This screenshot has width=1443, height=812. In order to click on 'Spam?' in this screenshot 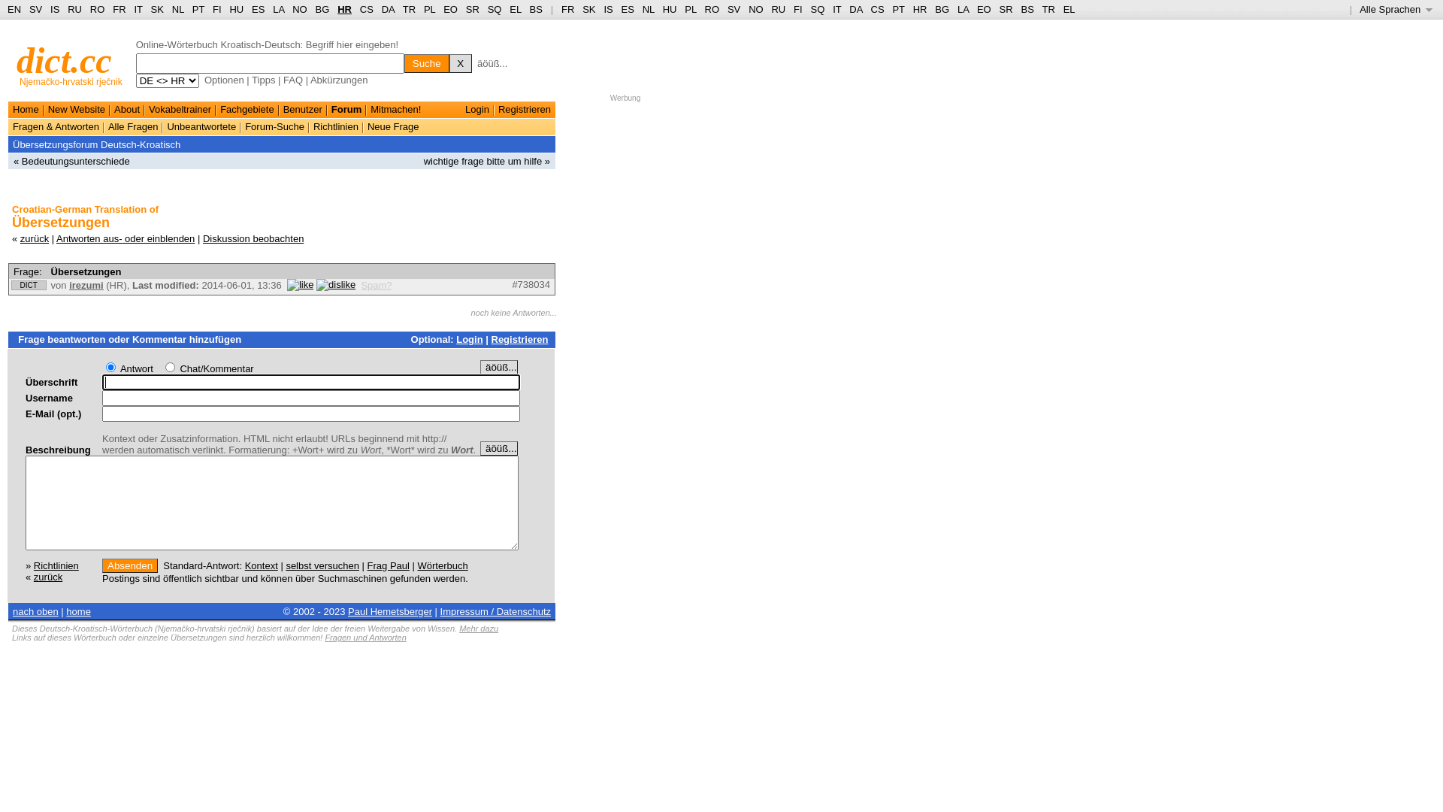, I will do `click(361, 285)`.